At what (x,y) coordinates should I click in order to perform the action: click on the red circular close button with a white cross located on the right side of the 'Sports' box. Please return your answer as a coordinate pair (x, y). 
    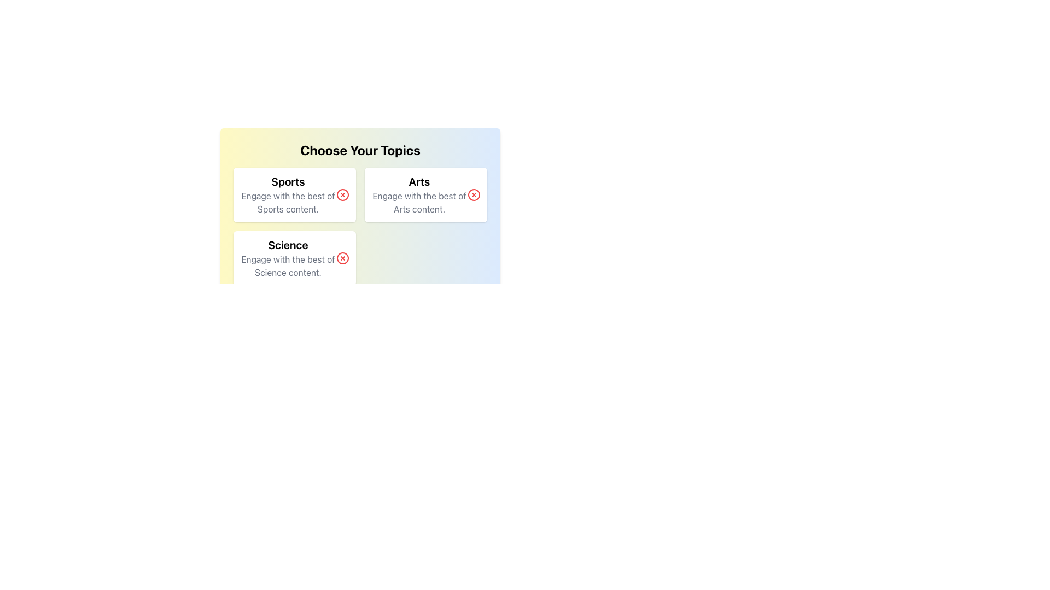
    Looking at the image, I should click on (342, 194).